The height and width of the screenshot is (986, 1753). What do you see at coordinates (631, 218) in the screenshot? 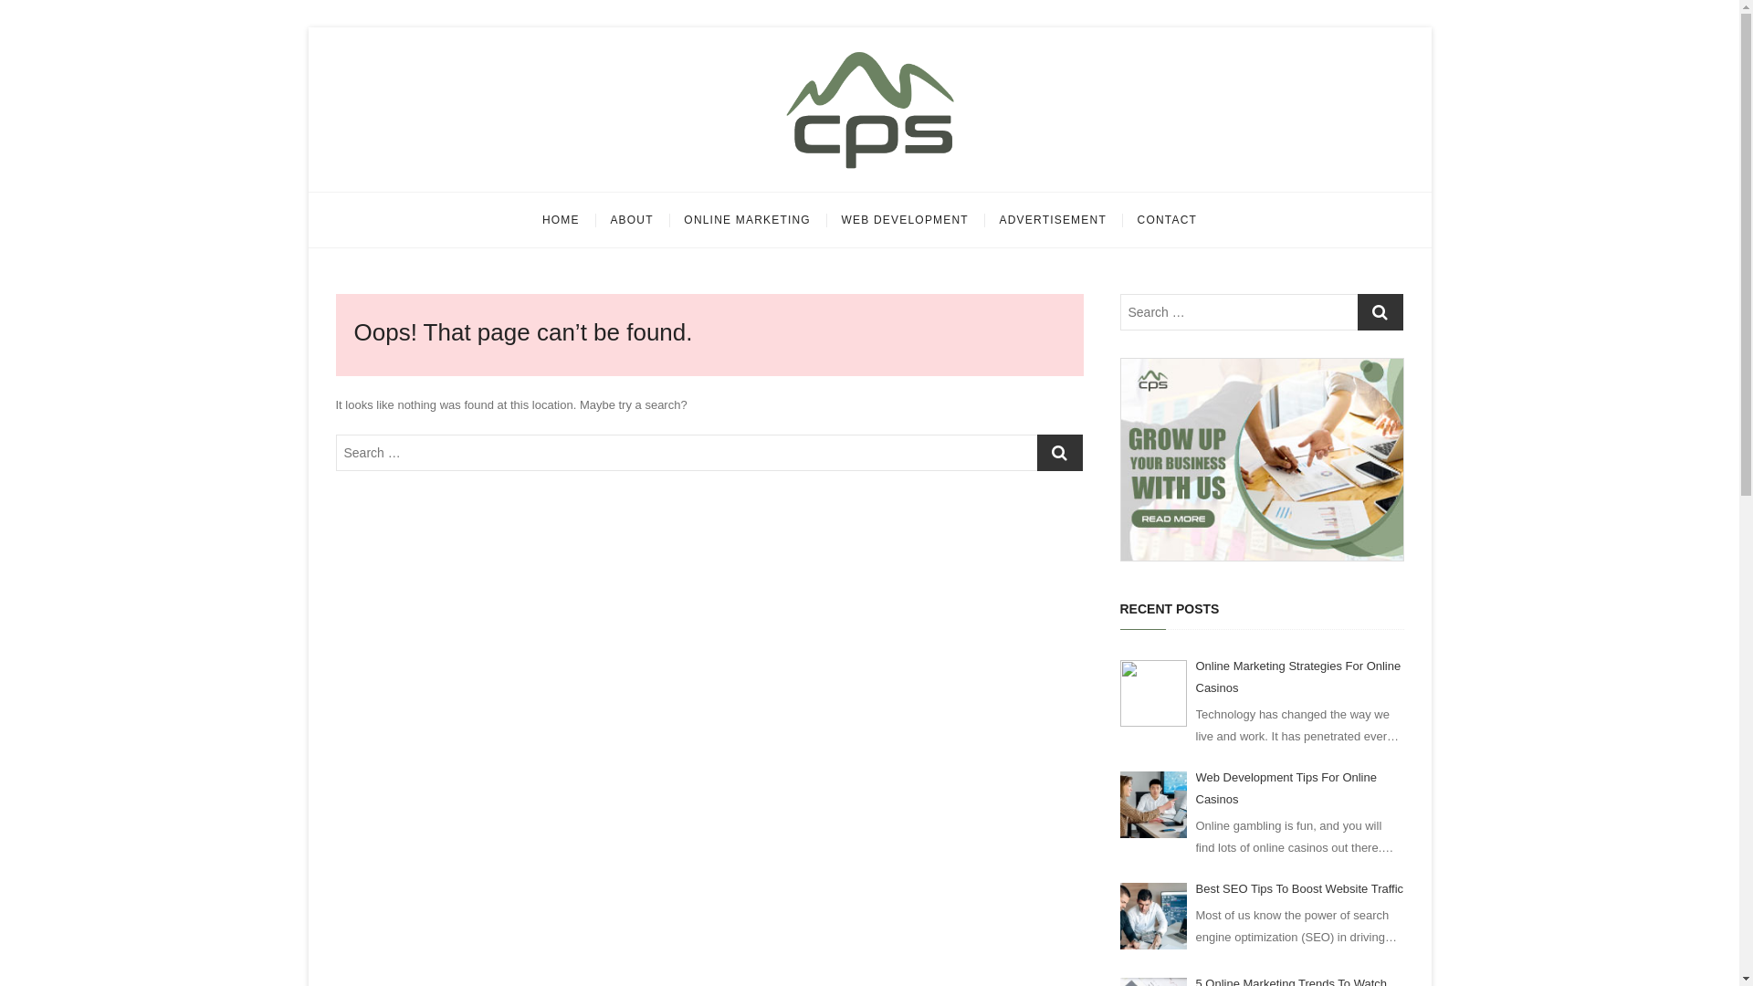
I see `'ABOUT'` at bounding box center [631, 218].